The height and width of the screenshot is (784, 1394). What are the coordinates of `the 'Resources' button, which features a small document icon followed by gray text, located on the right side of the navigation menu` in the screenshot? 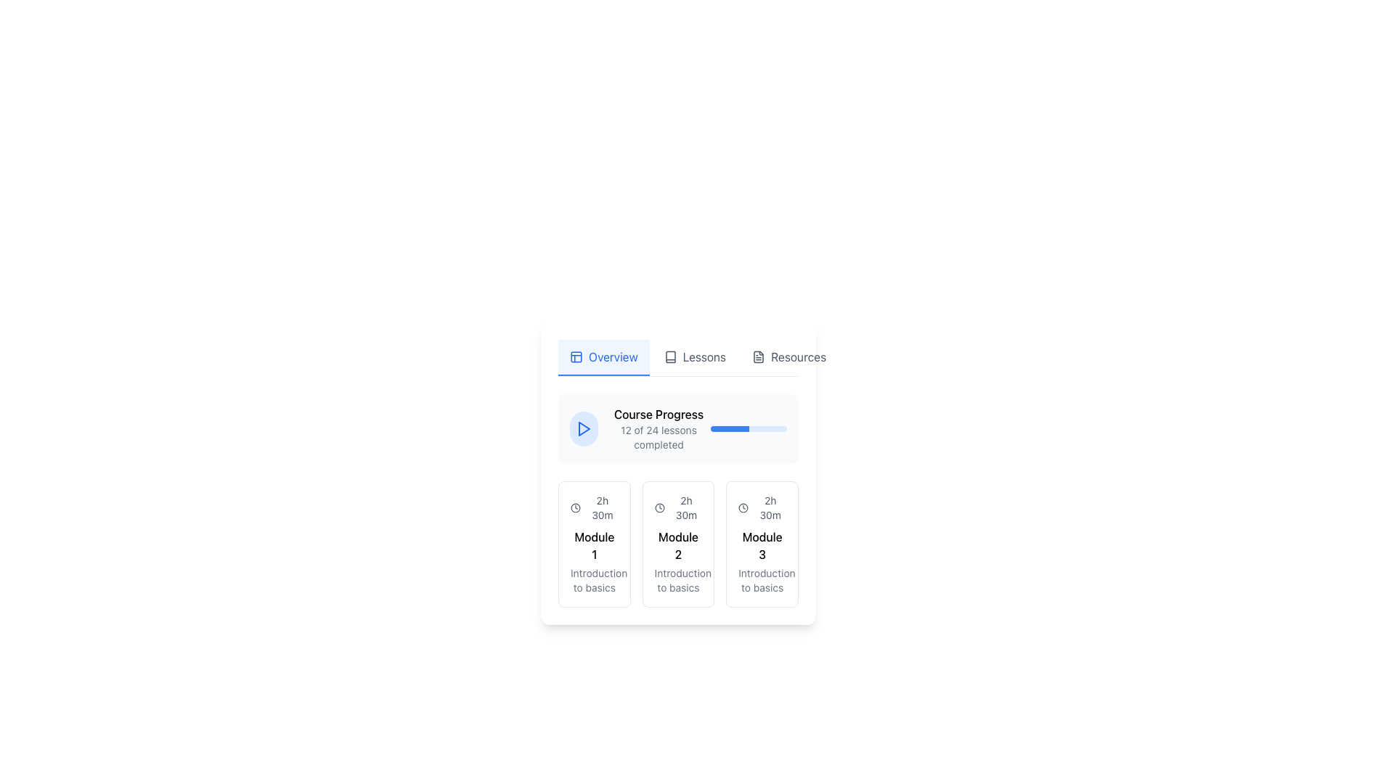 It's located at (788, 358).